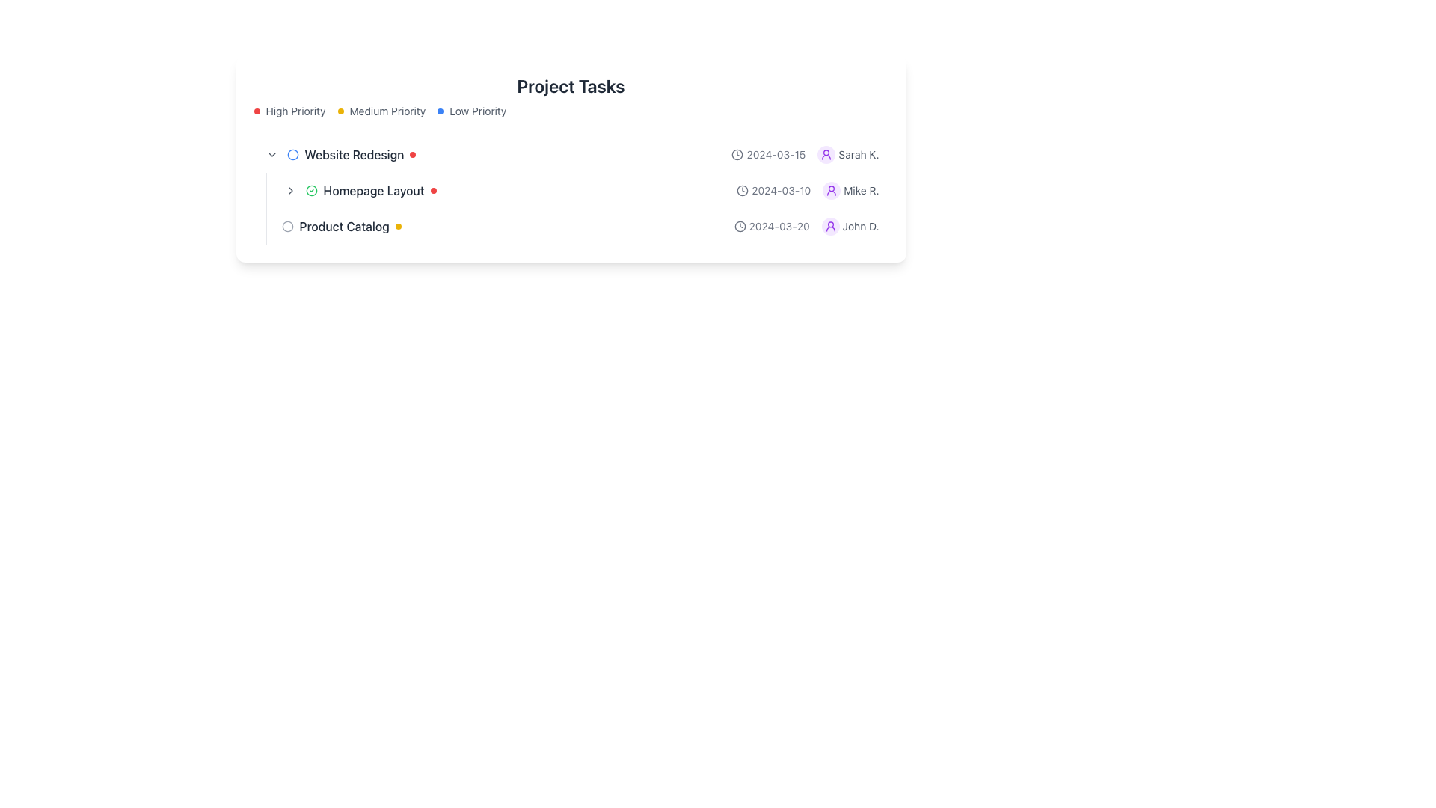 This screenshot has width=1436, height=808. Describe the element at coordinates (862, 189) in the screenshot. I see `text label 'Mike R.' which indicates the person responsible for the task 'Homepage Layout'` at that location.